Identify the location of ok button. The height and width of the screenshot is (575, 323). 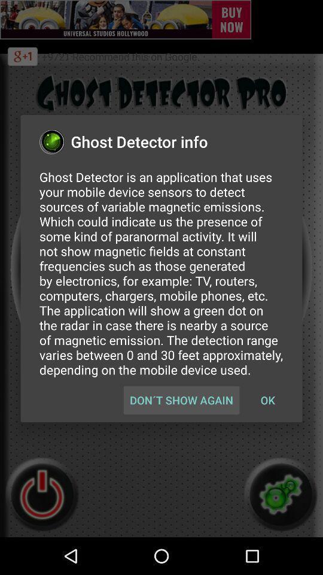
(267, 400).